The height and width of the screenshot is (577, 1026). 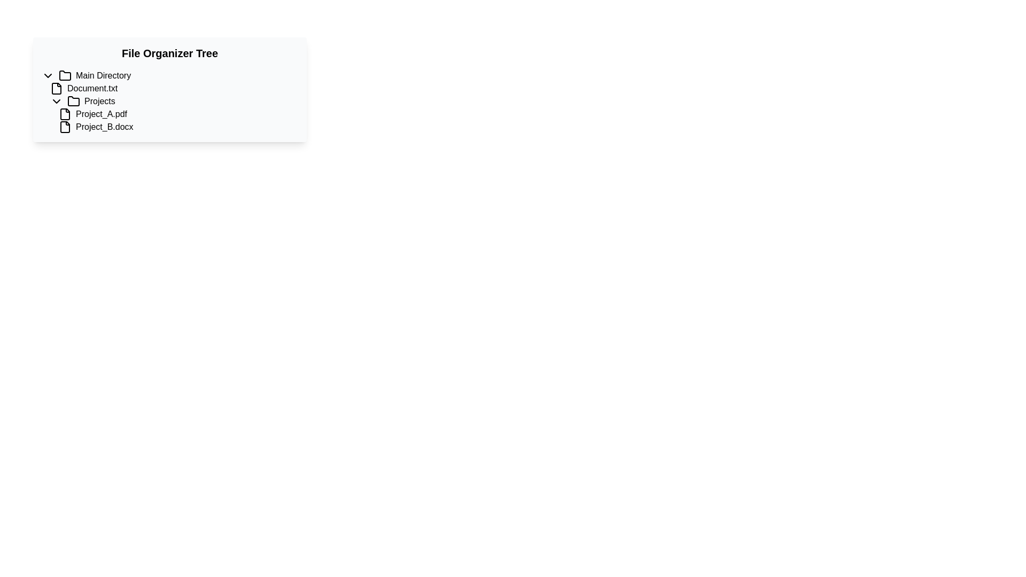 I want to click on the file icon representing 'Document.txt' in the Main Directory, which has a rectangular layout with rounded corners and a folded corner detail, so click(x=56, y=88).